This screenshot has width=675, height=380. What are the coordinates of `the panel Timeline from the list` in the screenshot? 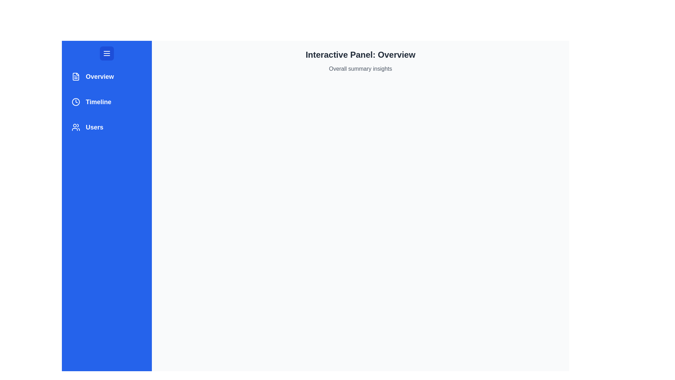 It's located at (106, 102).